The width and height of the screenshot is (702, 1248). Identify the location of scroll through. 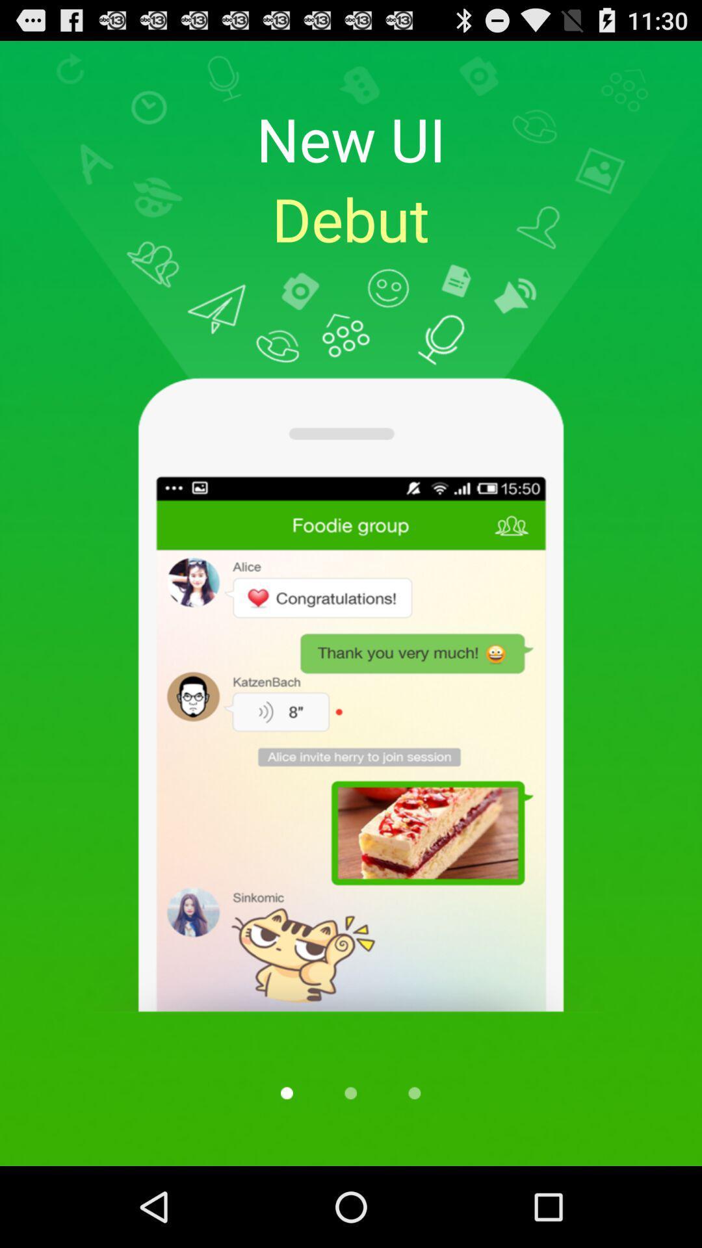
(286, 1092).